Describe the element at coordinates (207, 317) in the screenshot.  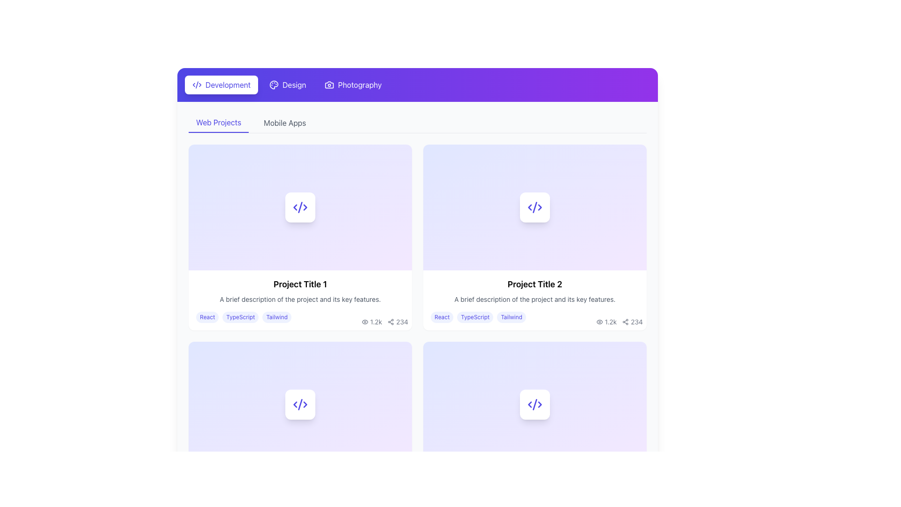
I see `the styling of the leftmost label tag associated with 'Project Title 1', which provides context about the project` at that location.